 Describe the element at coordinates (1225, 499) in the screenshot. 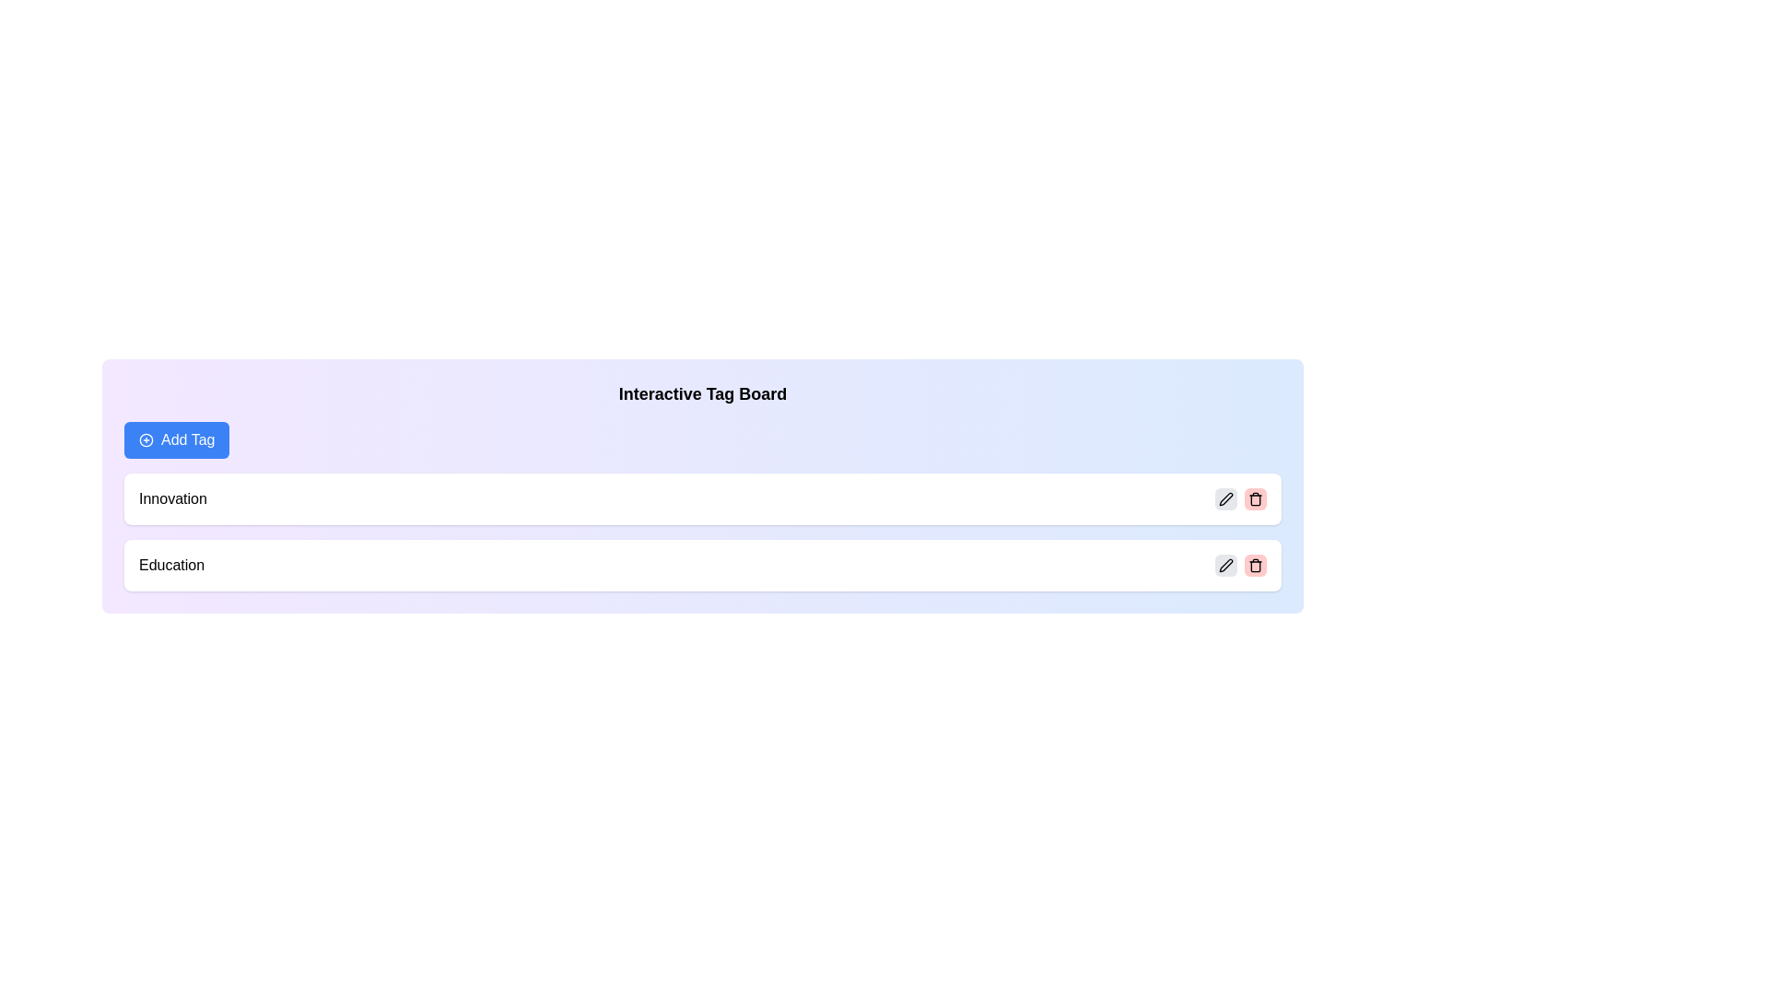

I see `the pencil icon of the tag with the name Innovation` at that location.